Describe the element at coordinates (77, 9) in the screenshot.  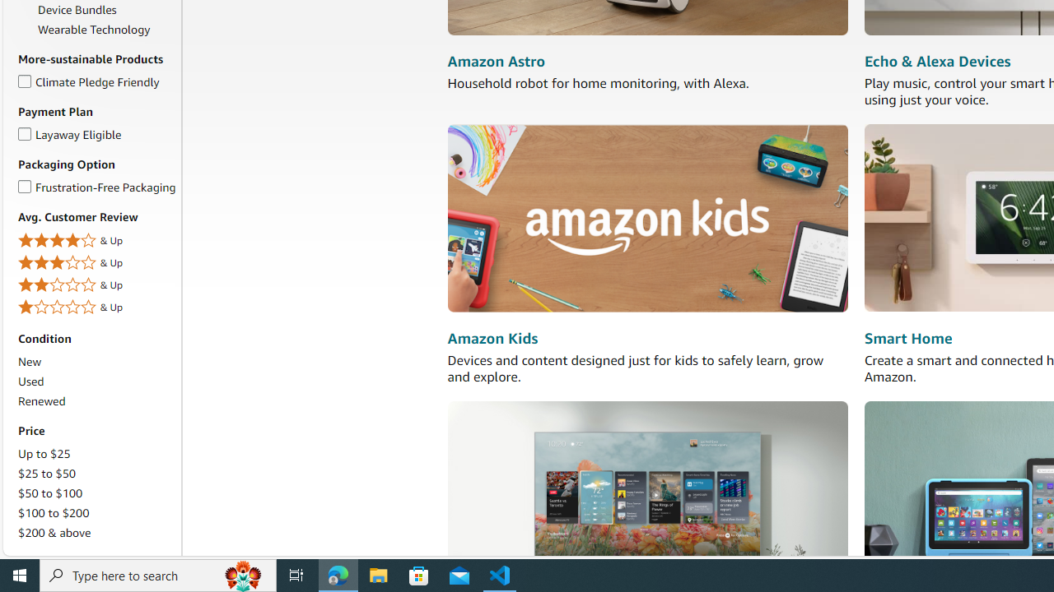
I see `'Device Bundles'` at that location.